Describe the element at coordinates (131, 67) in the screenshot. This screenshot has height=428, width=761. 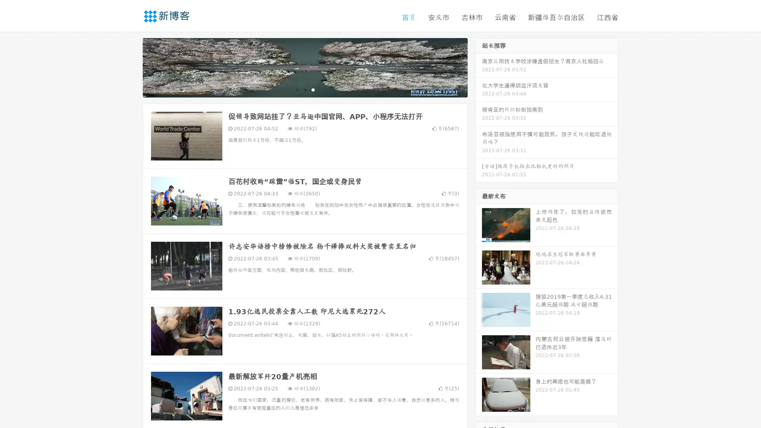
I see `Previous slide` at that location.